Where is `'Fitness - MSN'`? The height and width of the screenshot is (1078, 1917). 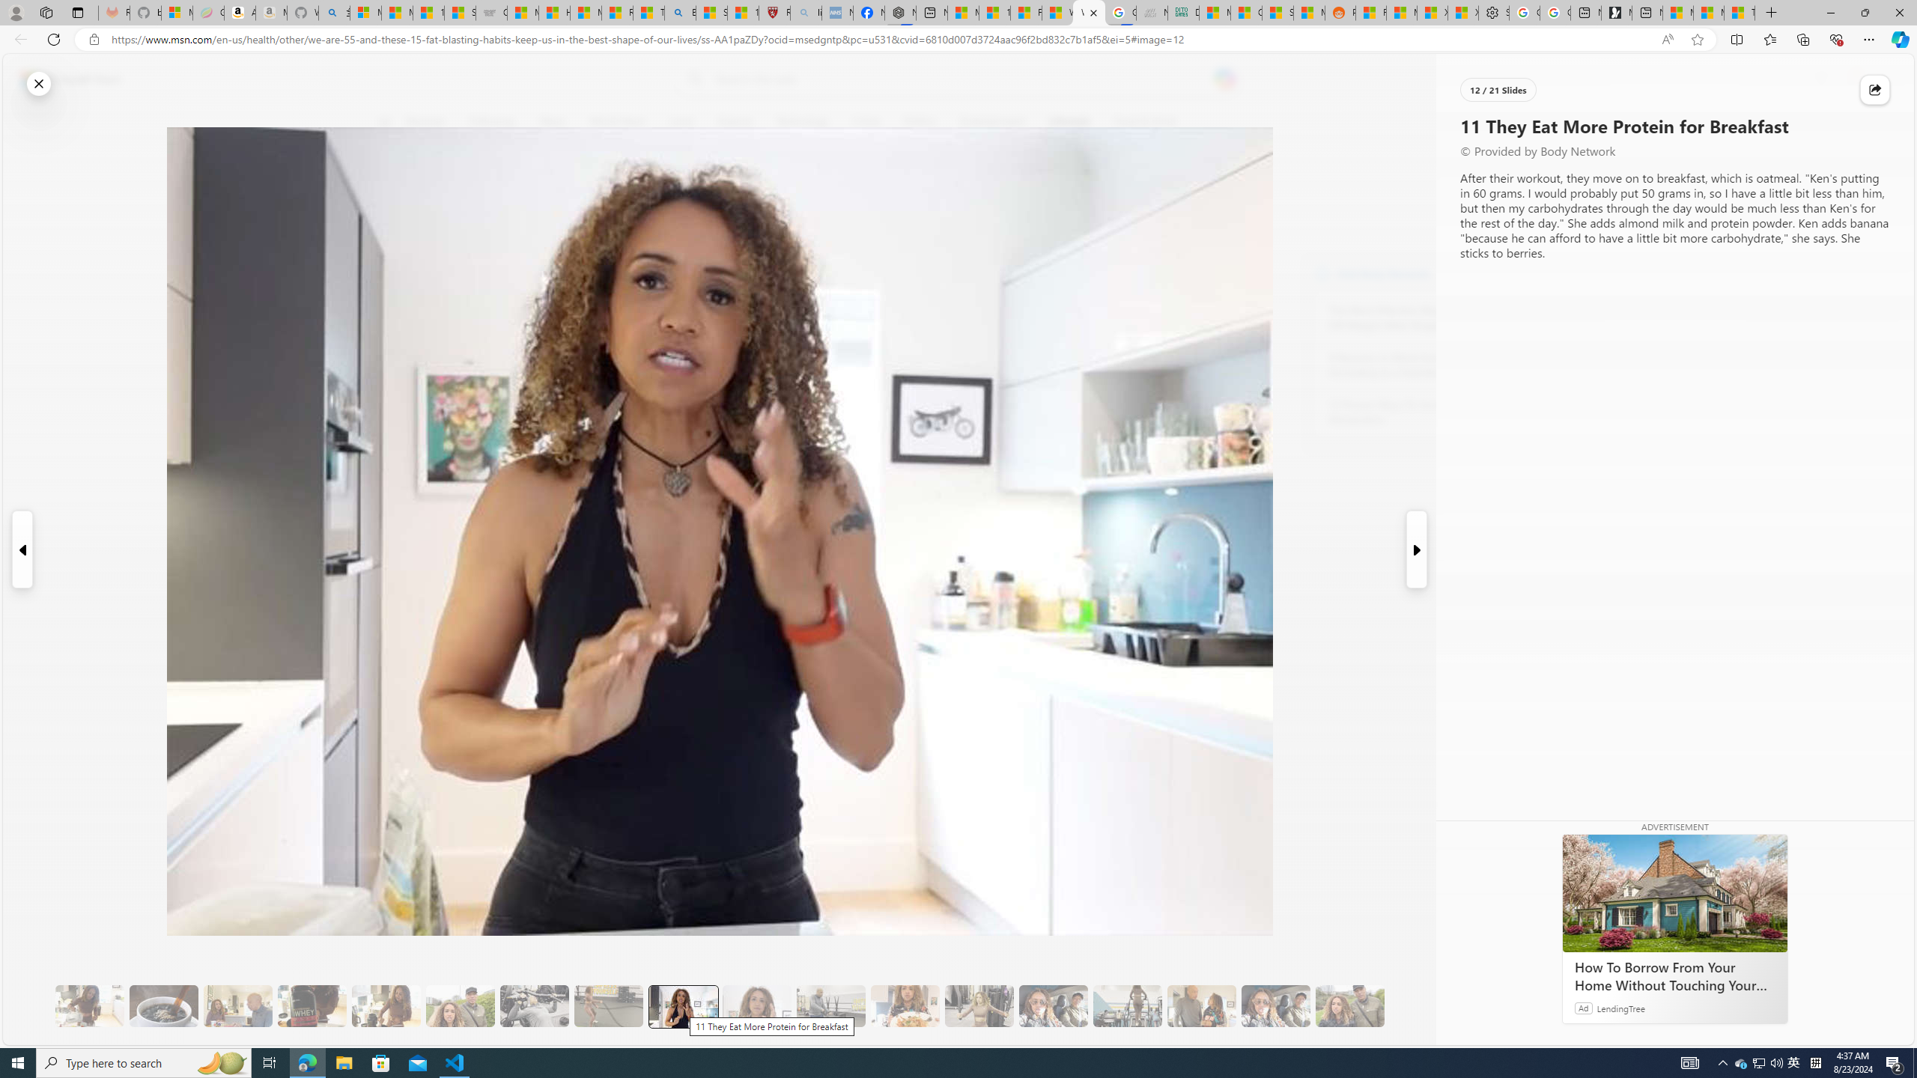
'Fitness - MSN' is located at coordinates (1025, 12).